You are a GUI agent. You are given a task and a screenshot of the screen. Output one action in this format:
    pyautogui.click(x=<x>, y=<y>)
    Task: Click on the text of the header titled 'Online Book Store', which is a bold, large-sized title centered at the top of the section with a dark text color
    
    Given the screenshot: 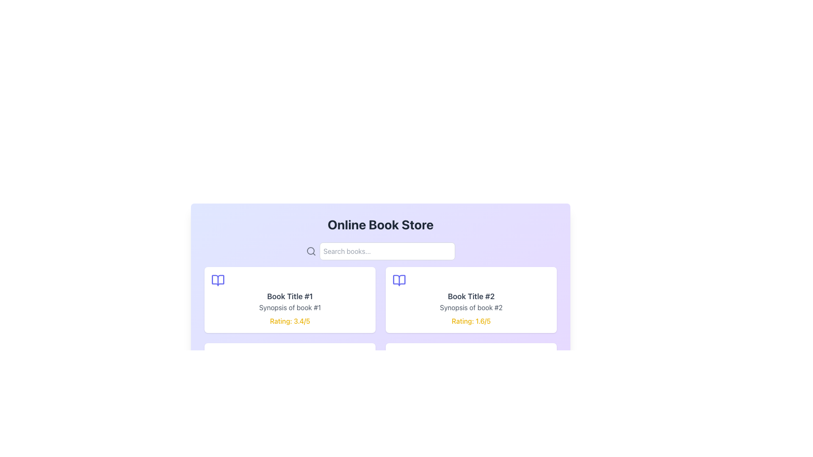 What is the action you would take?
    pyautogui.click(x=380, y=224)
    